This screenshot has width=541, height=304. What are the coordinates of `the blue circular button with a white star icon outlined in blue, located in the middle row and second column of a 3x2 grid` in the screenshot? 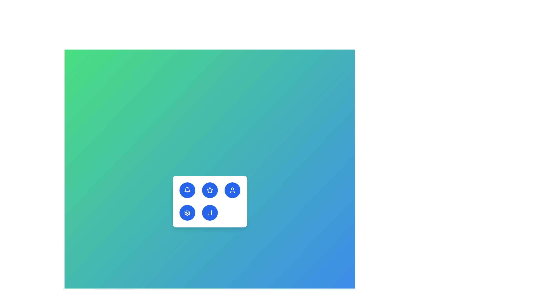 It's located at (209, 190).